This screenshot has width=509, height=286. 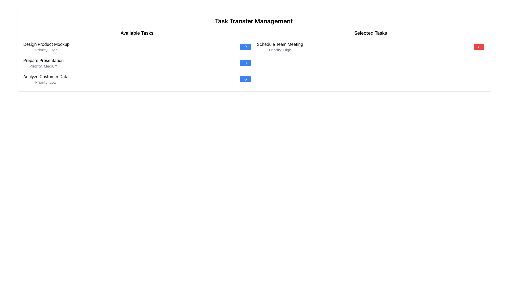 I want to click on the rightwards arrow icon embedded in the button located in the 'Available Tasks' section next to the task labeled 'Prepare Presentation', so click(x=245, y=63).